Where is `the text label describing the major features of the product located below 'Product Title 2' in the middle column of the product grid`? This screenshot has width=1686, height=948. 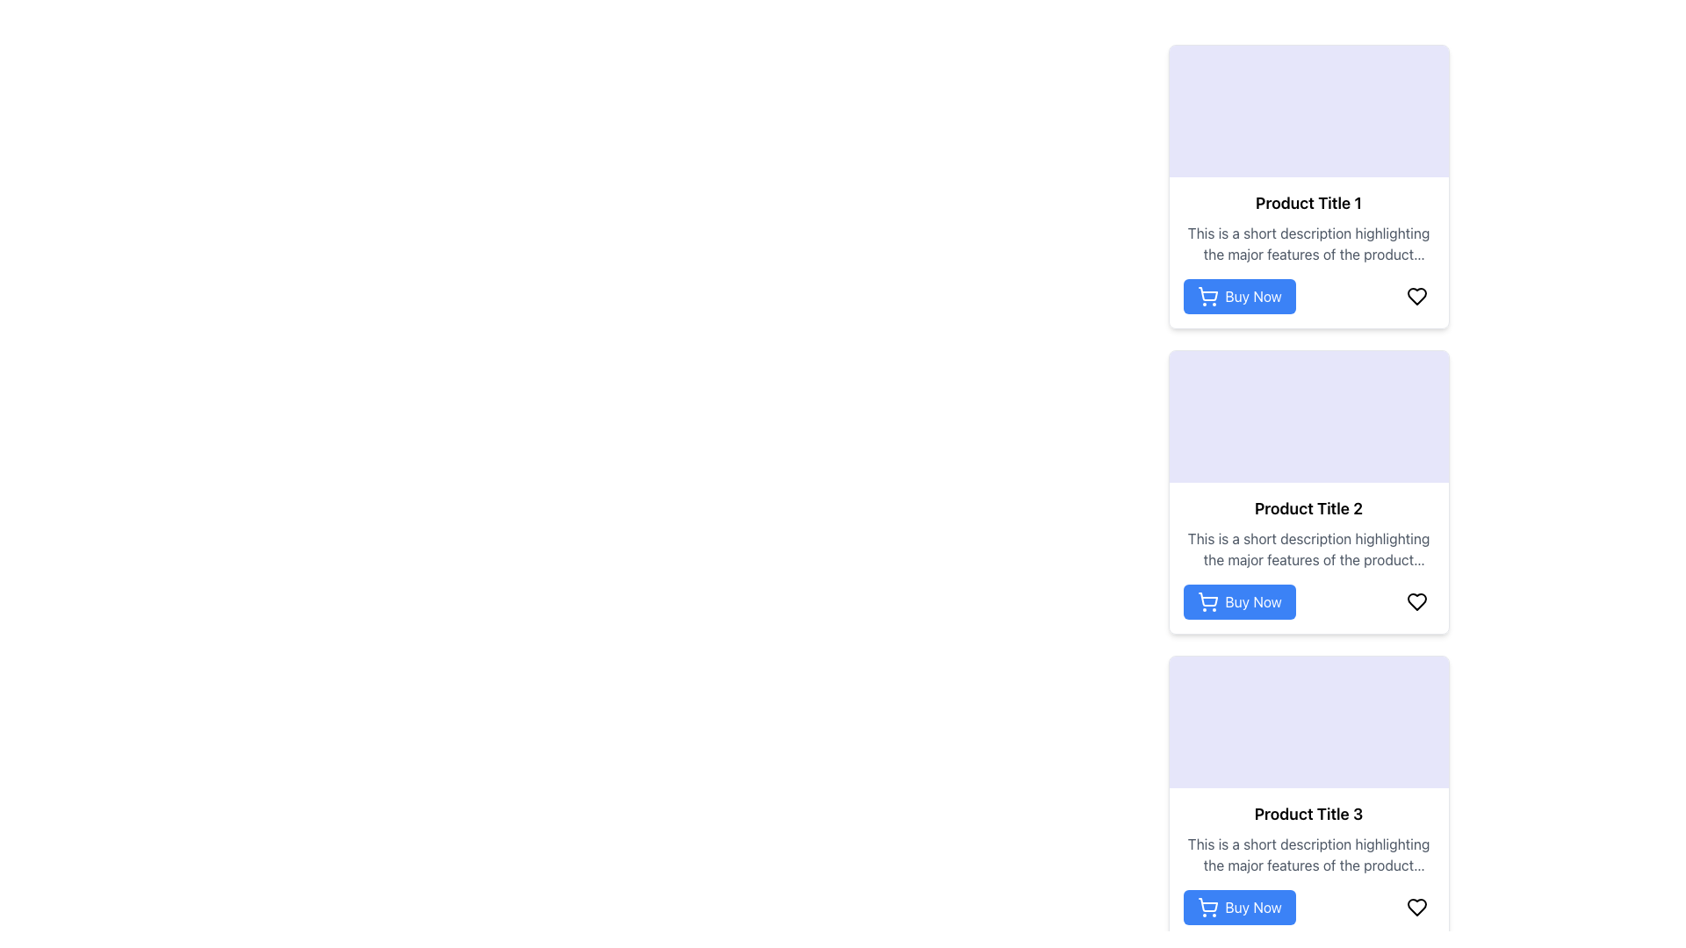 the text label describing the major features of the product located below 'Product Title 2' in the middle column of the product grid is located at coordinates (1308, 548).